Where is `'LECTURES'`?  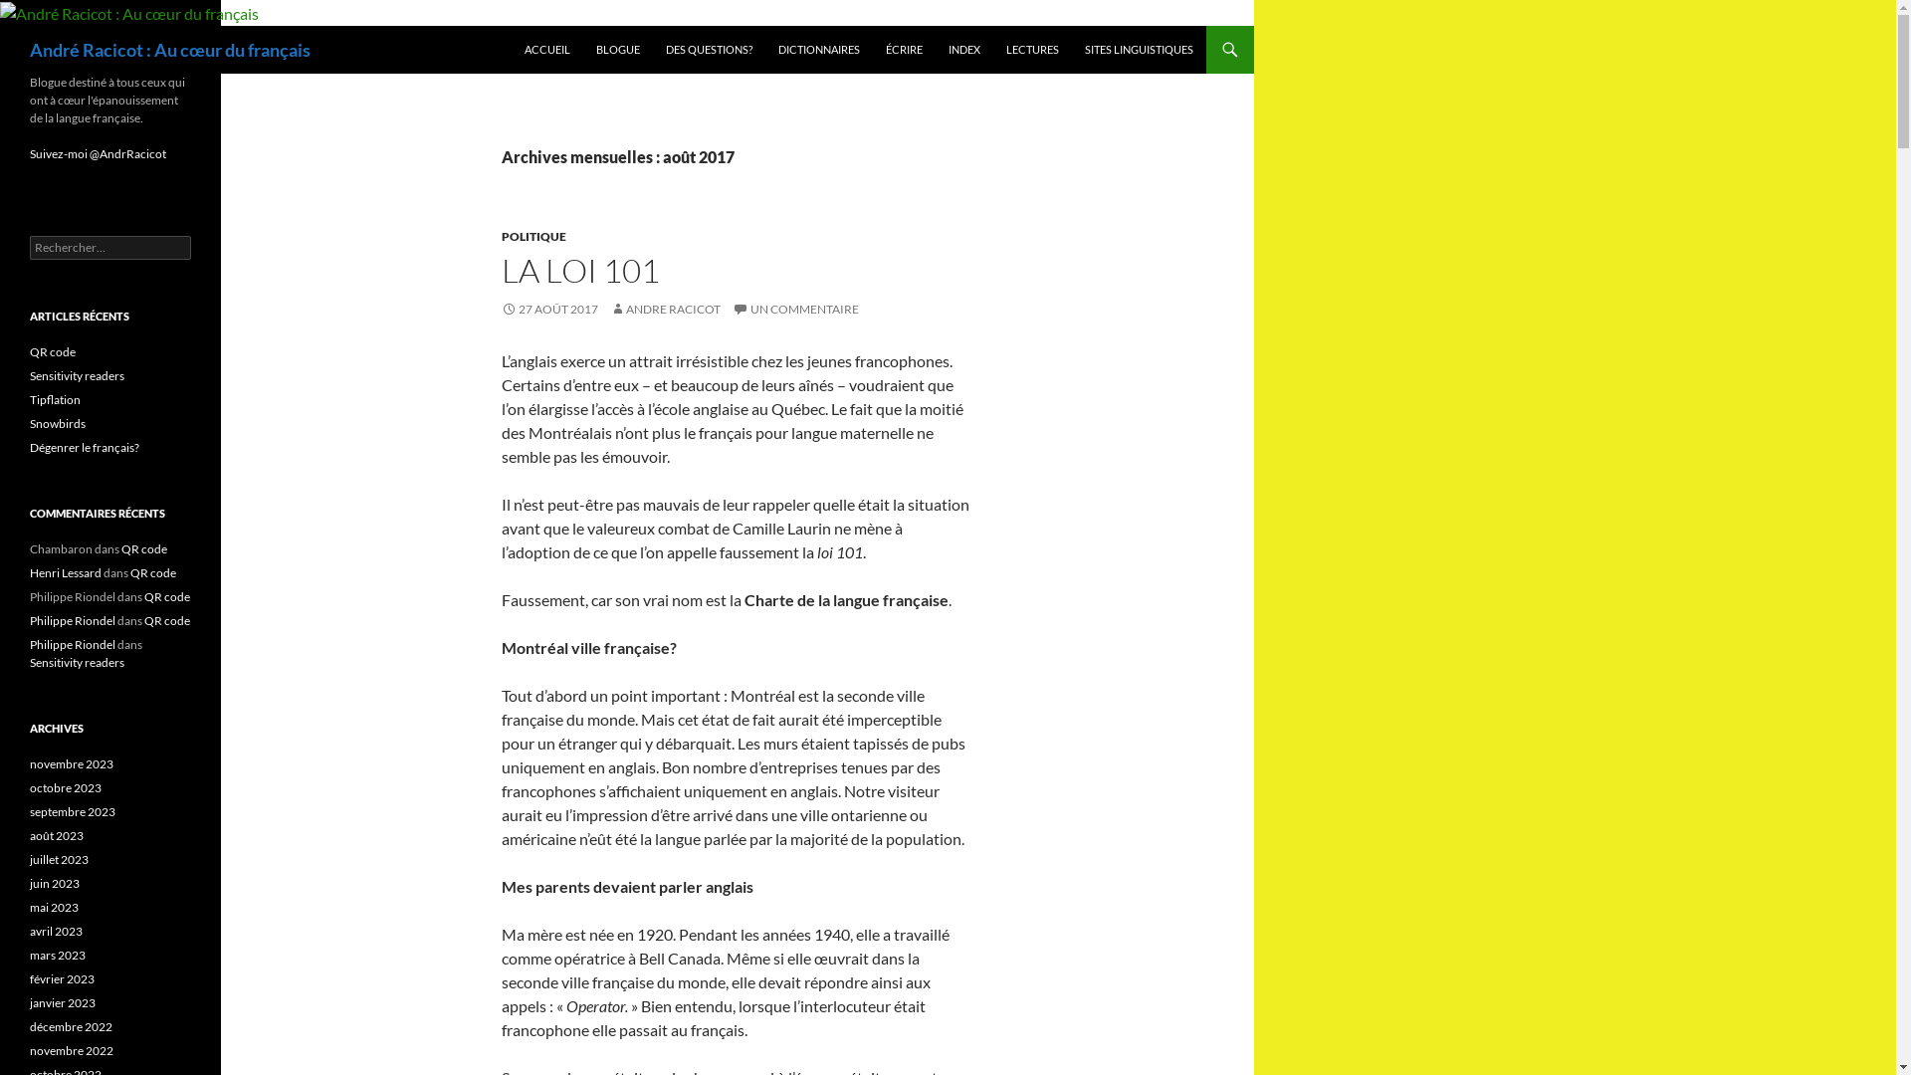 'LECTURES' is located at coordinates (993, 49).